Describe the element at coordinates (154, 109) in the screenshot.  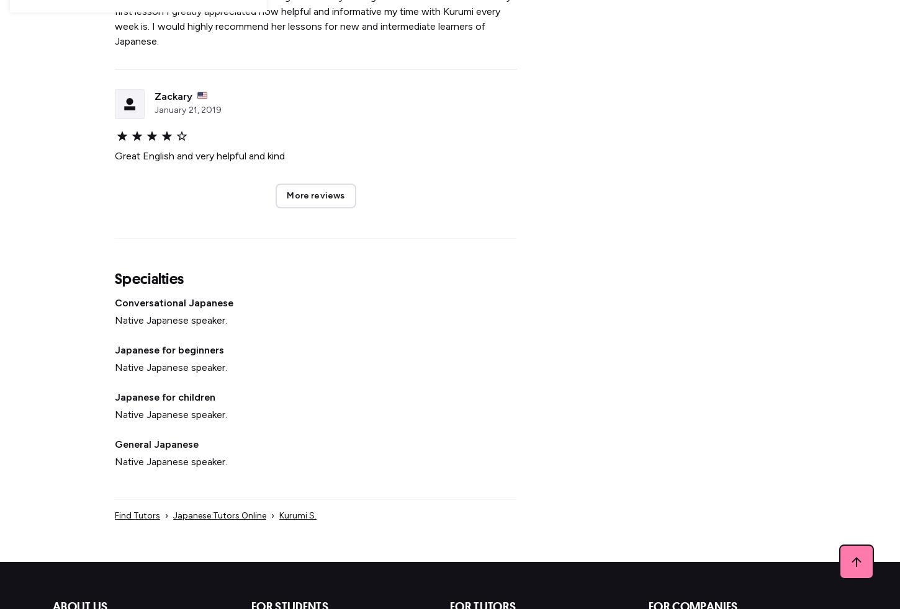
I see `'January'` at that location.